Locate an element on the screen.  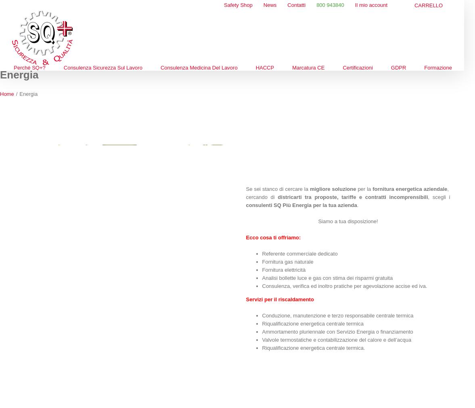
'Formazione igiene alimentare HACCP' is located at coordinates (277, 182).